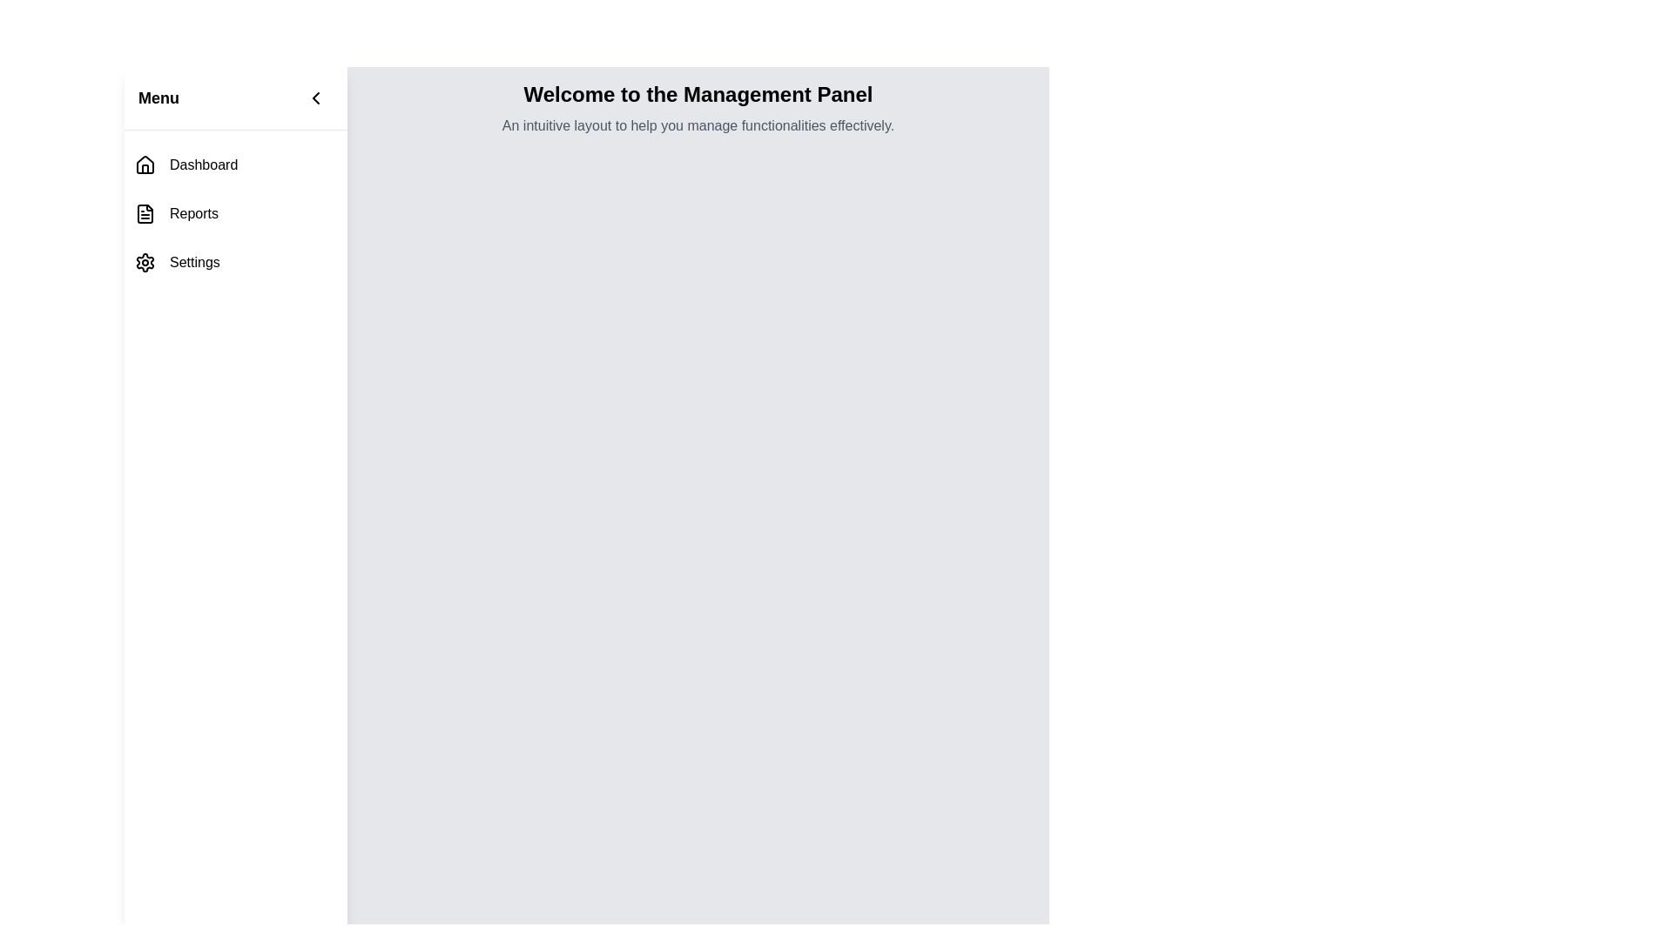 The height and width of the screenshot is (940, 1672). Describe the element at coordinates (204, 164) in the screenshot. I see `the 'Dashboard' text label in the vertical menu, which is styled in black, sans-serif font and located next to a house icon` at that location.